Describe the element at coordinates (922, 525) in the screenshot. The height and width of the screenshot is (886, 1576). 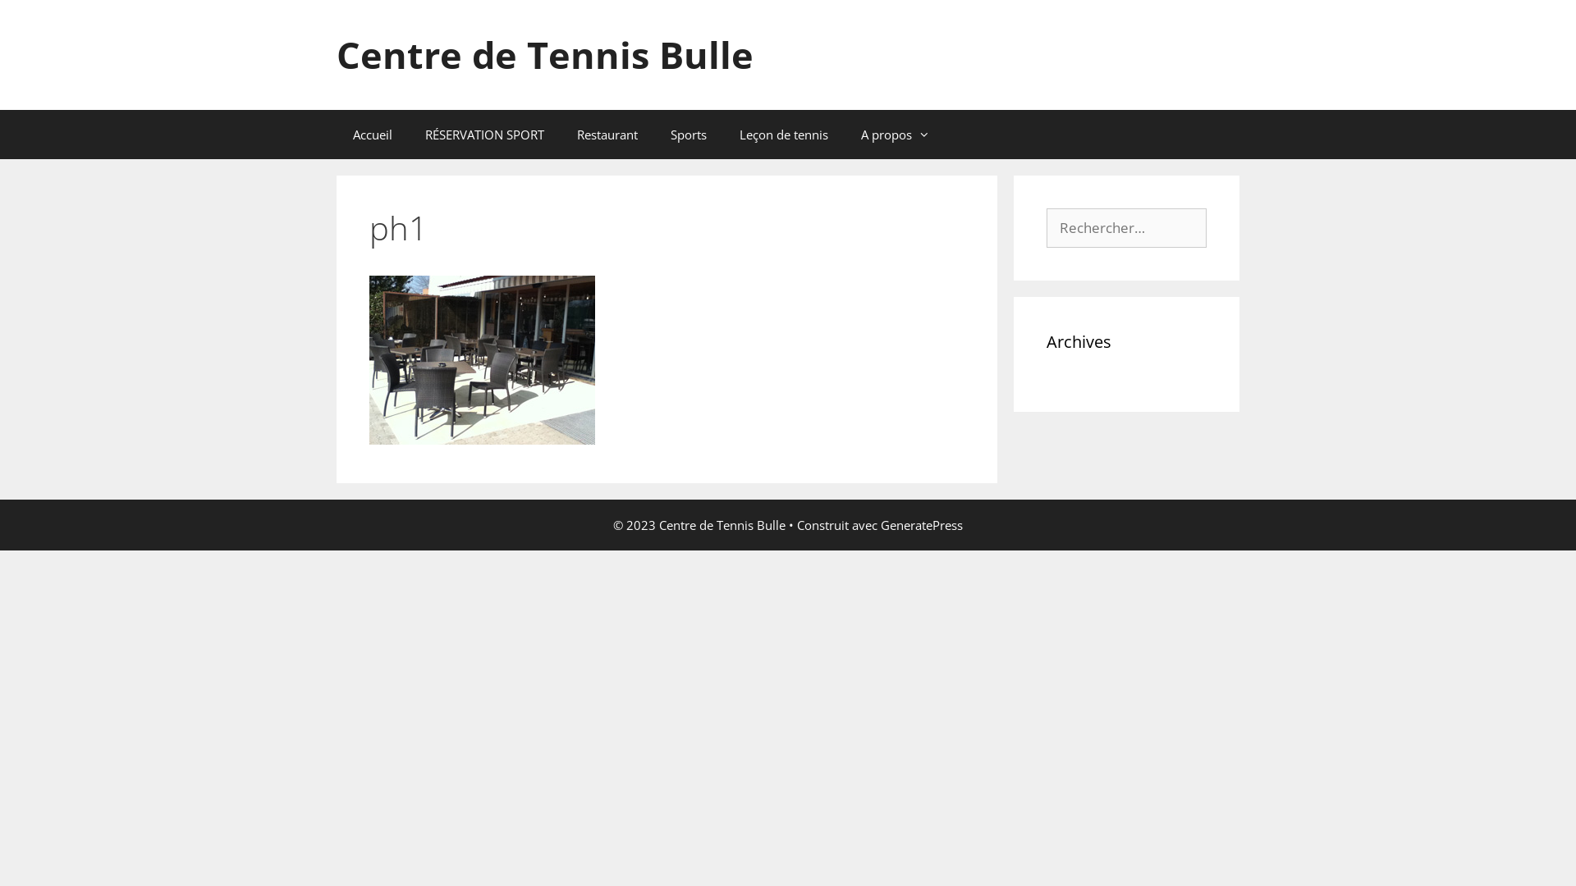
I see `'GeneratePress'` at that location.